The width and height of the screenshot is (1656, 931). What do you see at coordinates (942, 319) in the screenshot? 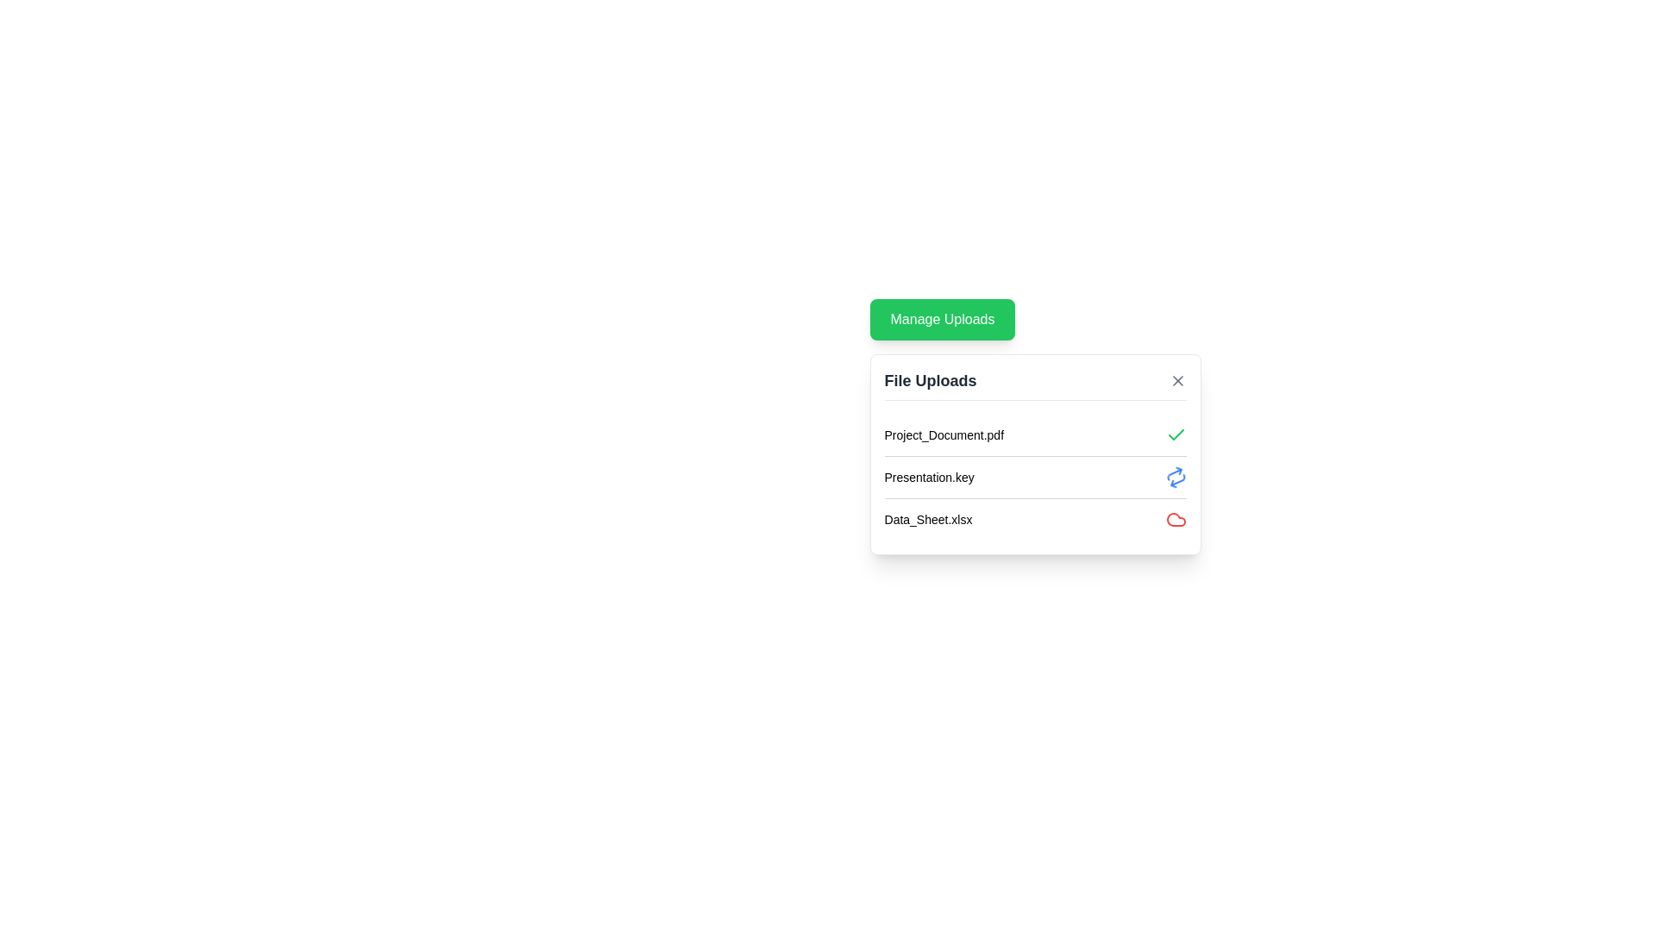
I see `the green rectangular button with rounded corners labeled 'Manage Uploads' located above the 'File Uploads' list to trigger visual or textual feedback` at bounding box center [942, 319].